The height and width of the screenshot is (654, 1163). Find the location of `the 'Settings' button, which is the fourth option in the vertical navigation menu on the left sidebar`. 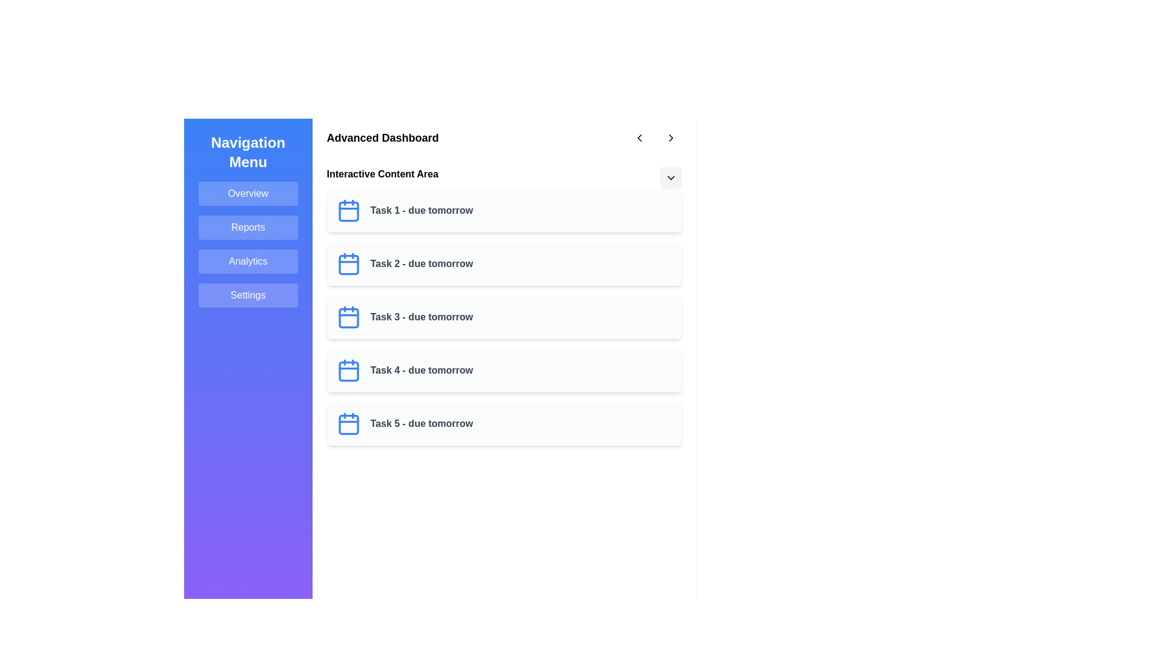

the 'Settings' button, which is the fourth option in the vertical navigation menu on the left sidebar is located at coordinates (247, 296).